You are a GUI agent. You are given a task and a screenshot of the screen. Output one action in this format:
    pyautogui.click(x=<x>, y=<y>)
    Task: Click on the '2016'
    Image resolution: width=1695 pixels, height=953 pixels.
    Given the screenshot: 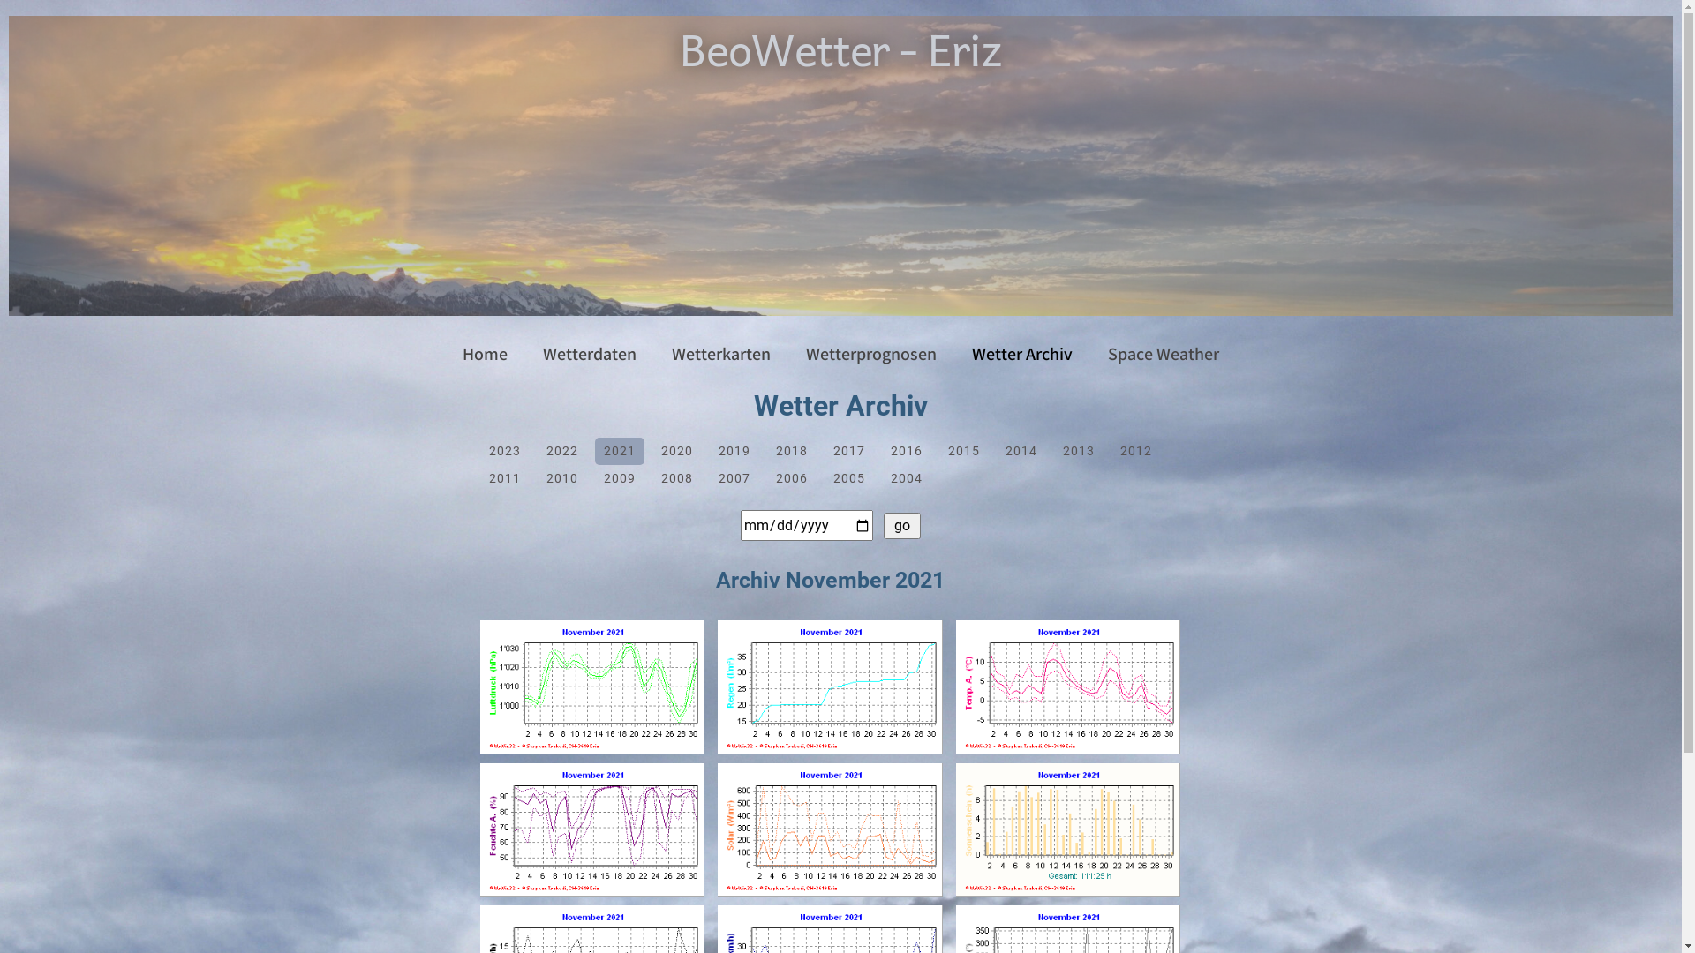 What is the action you would take?
    pyautogui.click(x=907, y=450)
    